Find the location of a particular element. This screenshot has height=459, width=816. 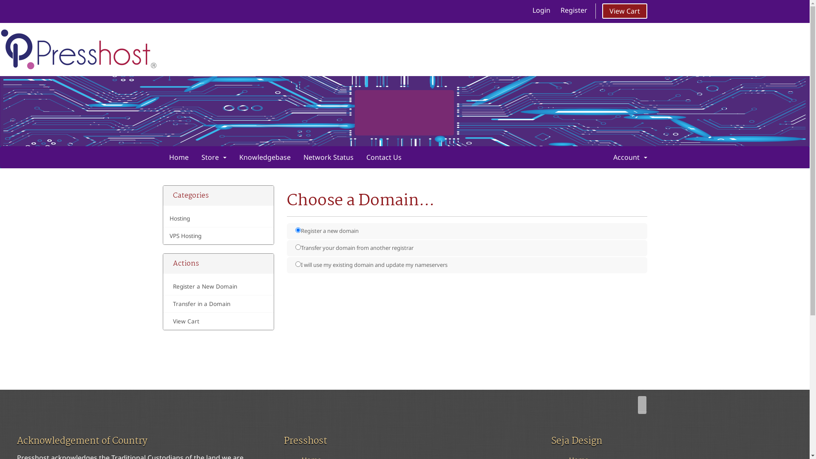

'Account  ' is located at coordinates (630, 157).